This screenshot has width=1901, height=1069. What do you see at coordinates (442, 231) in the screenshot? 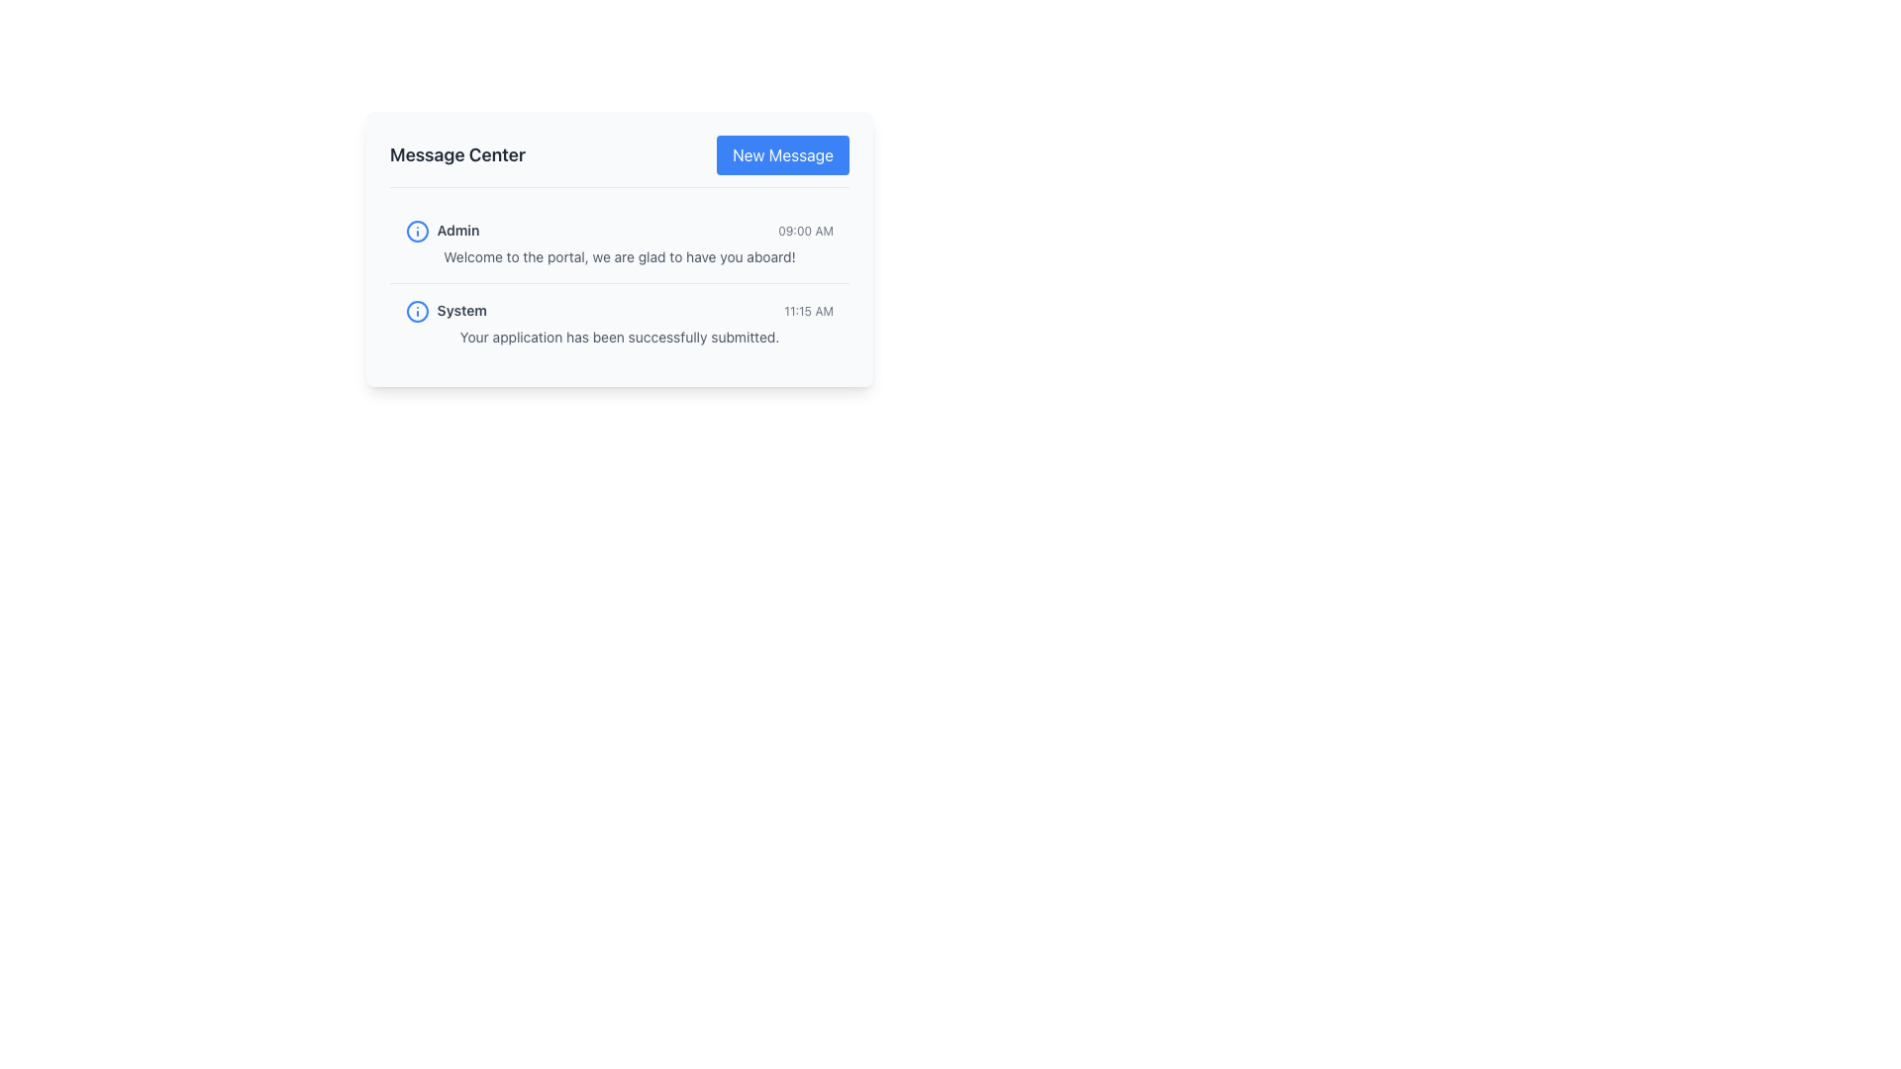
I see `the text label that identifies the author or source of the listed item in the 'Message Center' section for accessibility purposes` at bounding box center [442, 231].